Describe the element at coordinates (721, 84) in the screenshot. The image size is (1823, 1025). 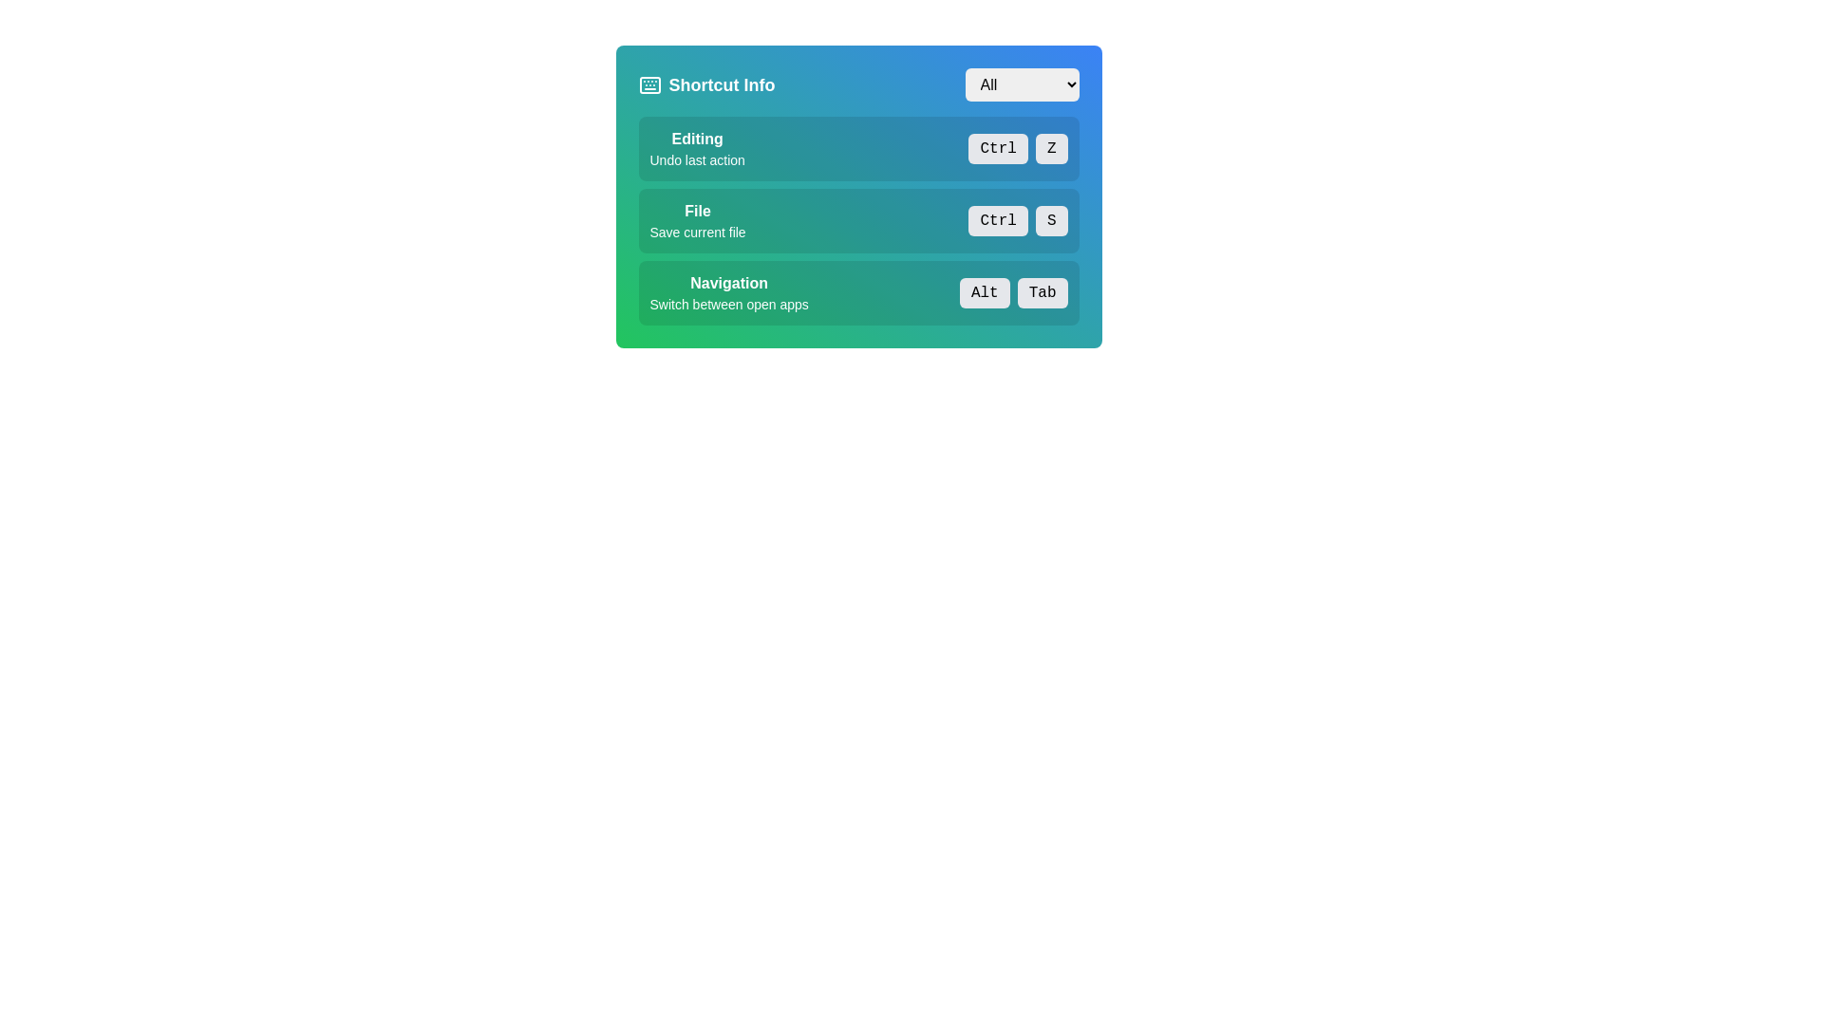
I see `the text label displaying 'Shortcut Info' in bold font, which is positioned next to a keyboard icon in the upper-left section of the panel` at that location.